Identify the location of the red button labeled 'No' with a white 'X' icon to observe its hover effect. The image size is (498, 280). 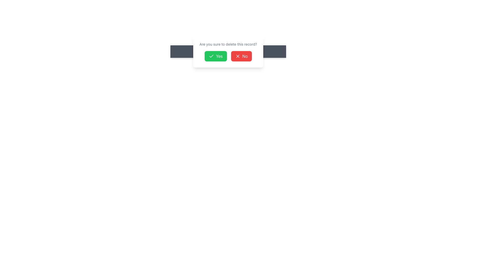
(241, 56).